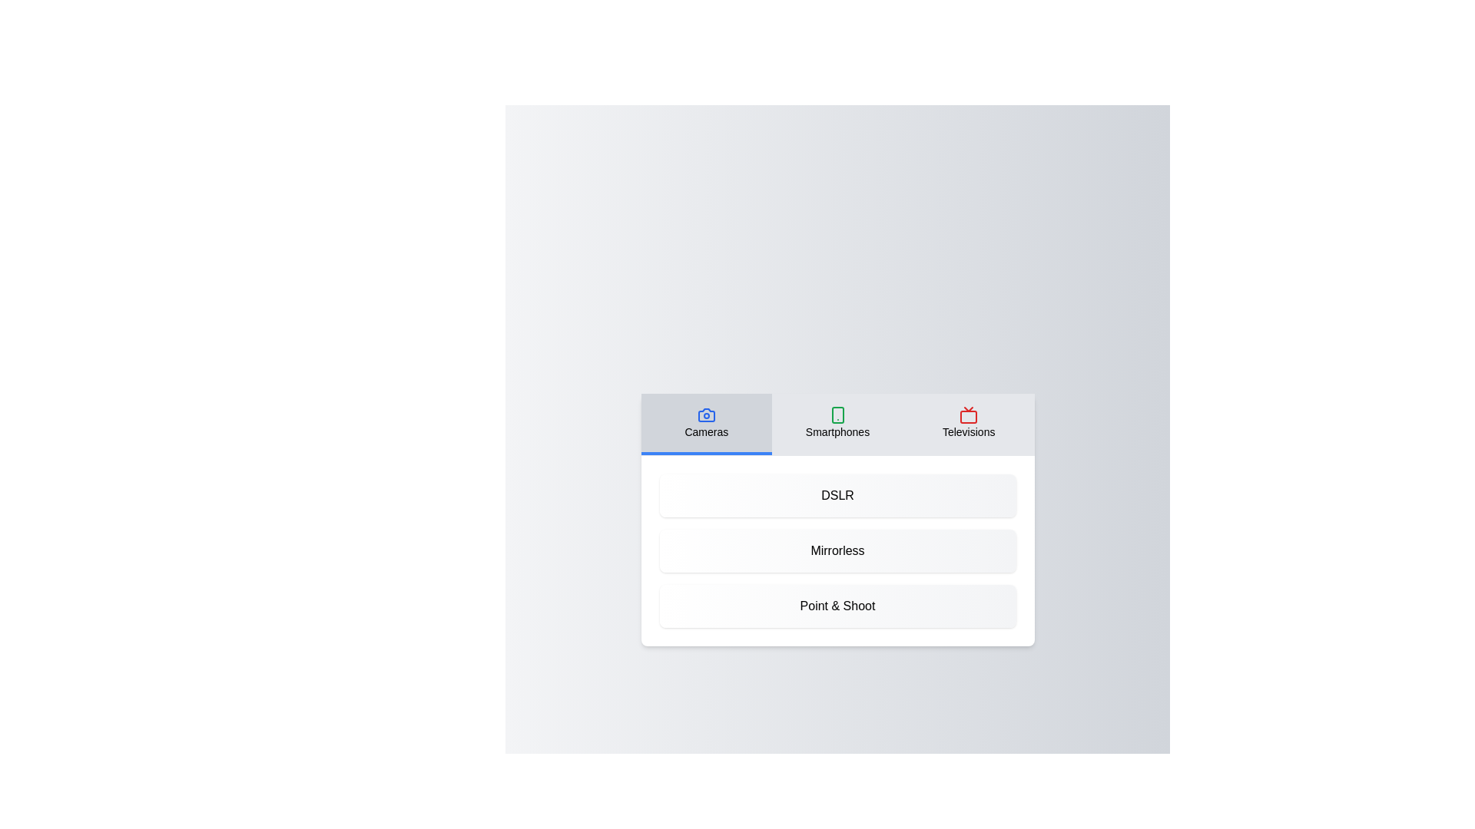 Image resolution: width=1475 pixels, height=829 pixels. I want to click on the product 'DSLR' from the displayed list, so click(837, 495).